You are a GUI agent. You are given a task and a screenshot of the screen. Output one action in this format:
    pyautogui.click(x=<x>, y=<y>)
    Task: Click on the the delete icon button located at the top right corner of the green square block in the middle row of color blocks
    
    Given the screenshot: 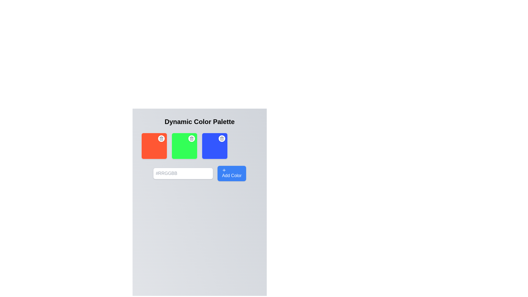 What is the action you would take?
    pyautogui.click(x=191, y=138)
    